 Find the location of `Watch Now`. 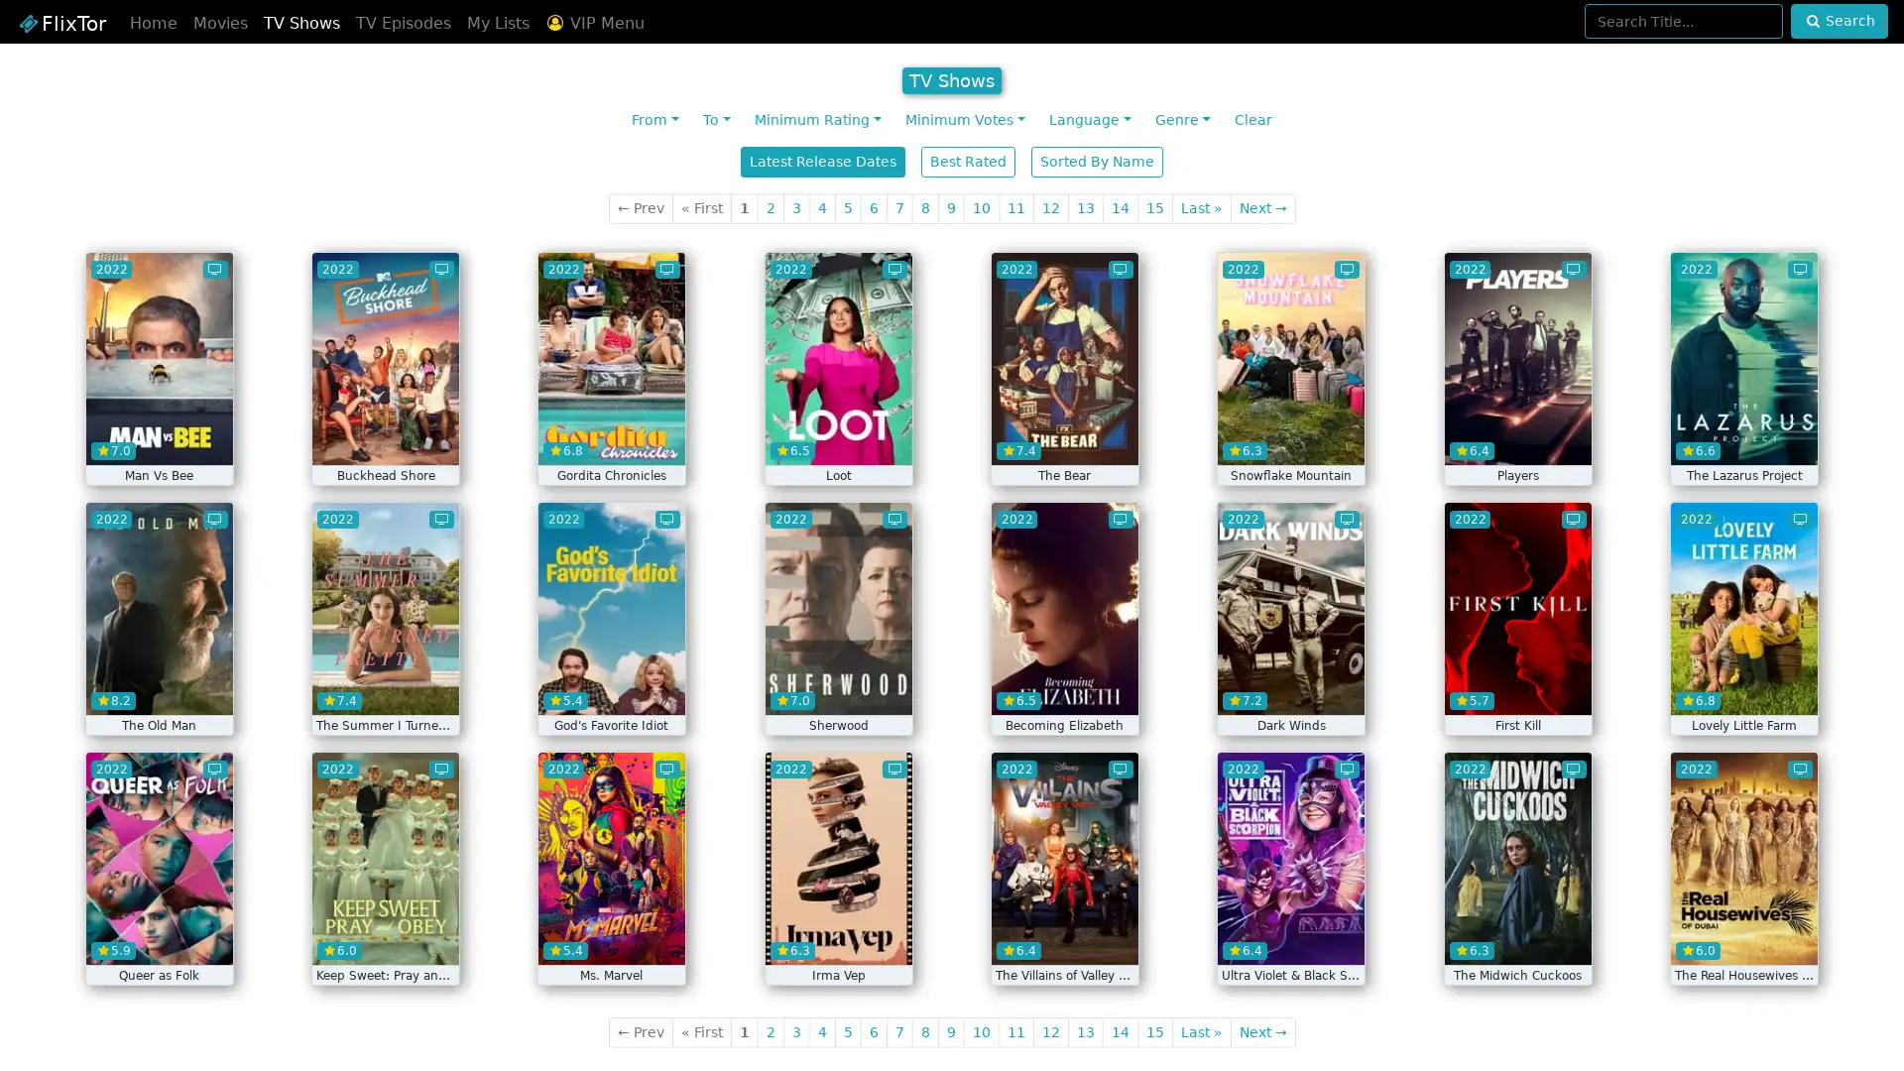

Watch Now is located at coordinates (1063, 684).